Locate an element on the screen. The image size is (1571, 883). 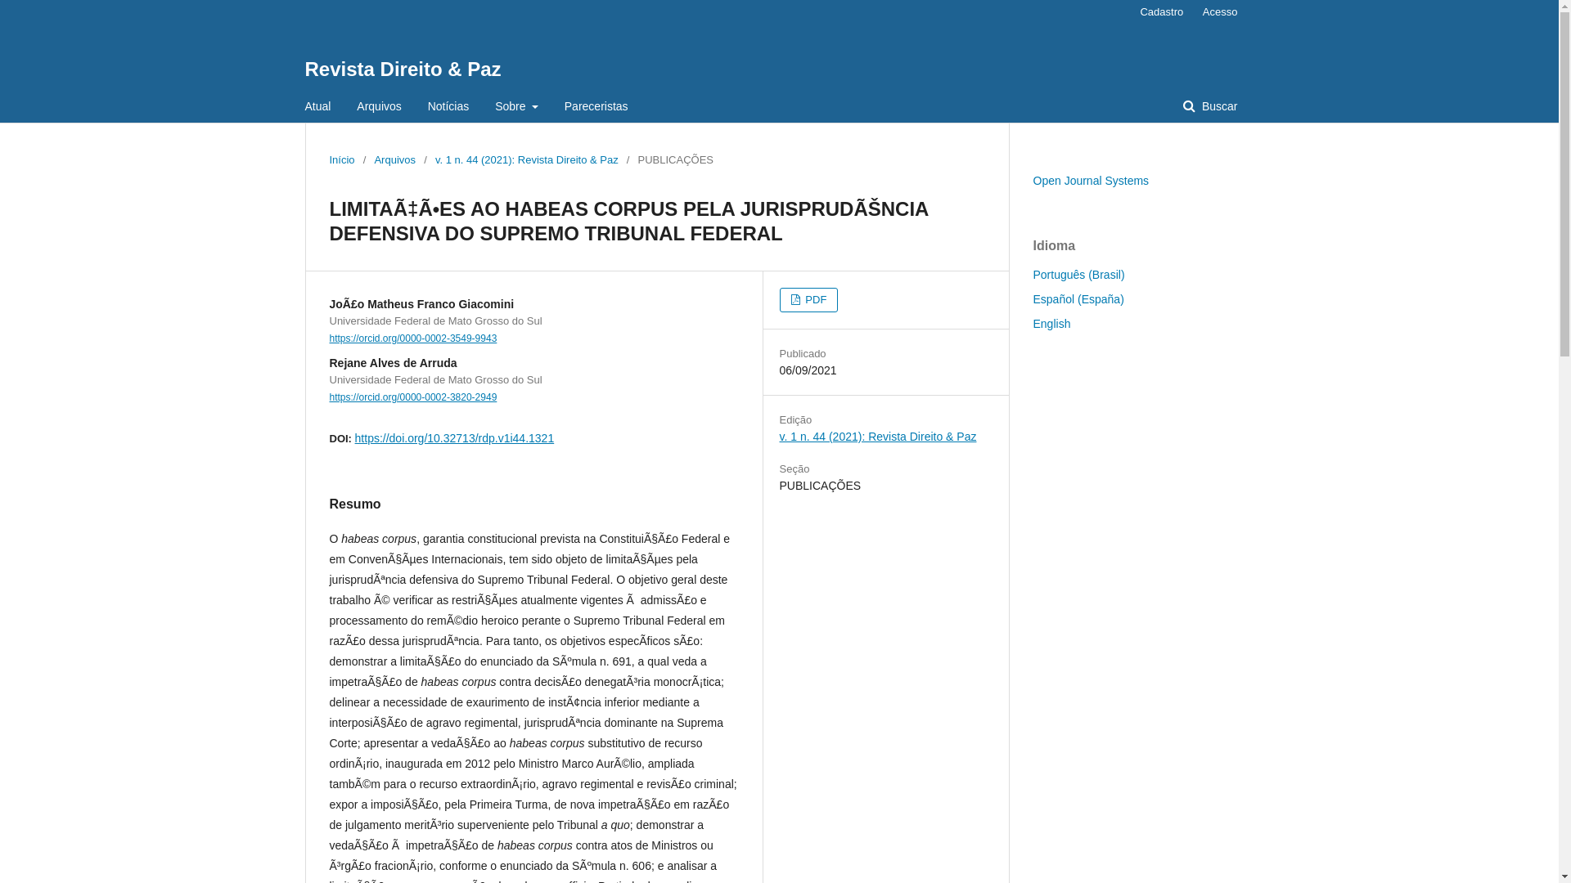
'Cadastro' is located at coordinates (1130, 12).